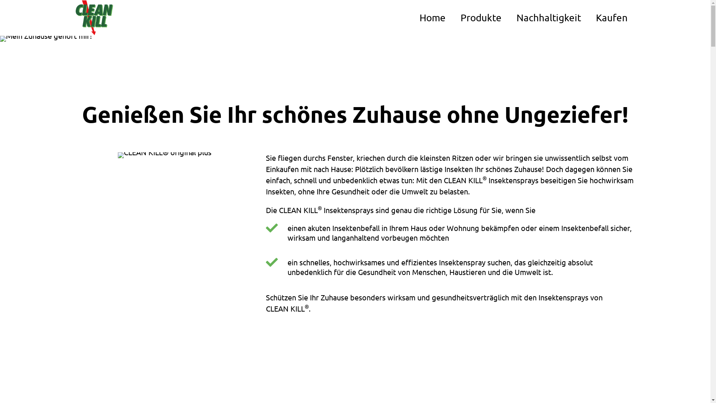 The height and width of the screenshot is (403, 716). Describe the element at coordinates (75, 17) in the screenshot. I see `'Zur Startseite'` at that location.